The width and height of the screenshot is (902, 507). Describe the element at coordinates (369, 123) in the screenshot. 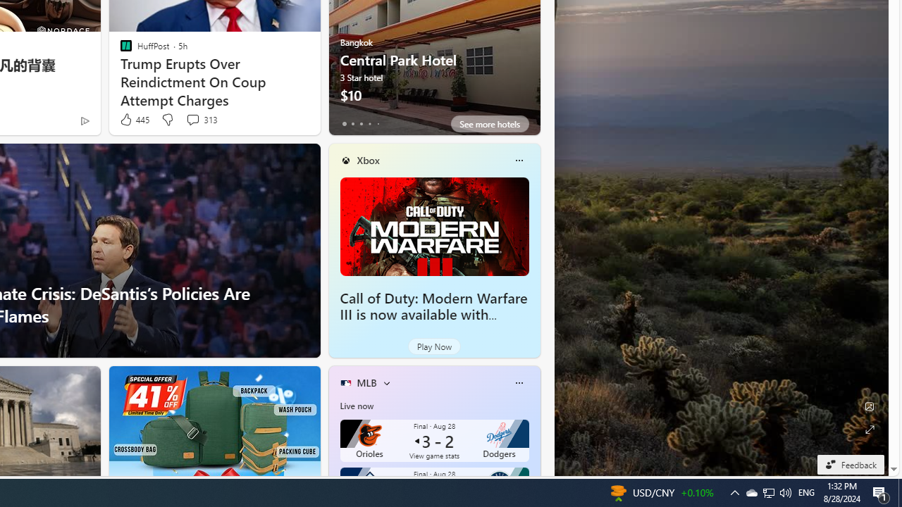

I see `'tab-3'` at that location.